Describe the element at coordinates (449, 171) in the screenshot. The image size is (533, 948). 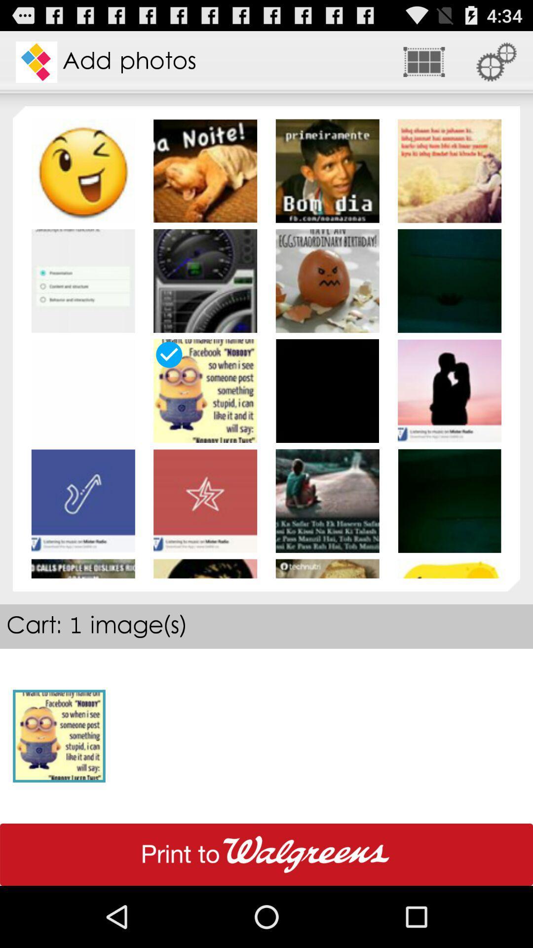
I see `the last image in 1st line` at that location.